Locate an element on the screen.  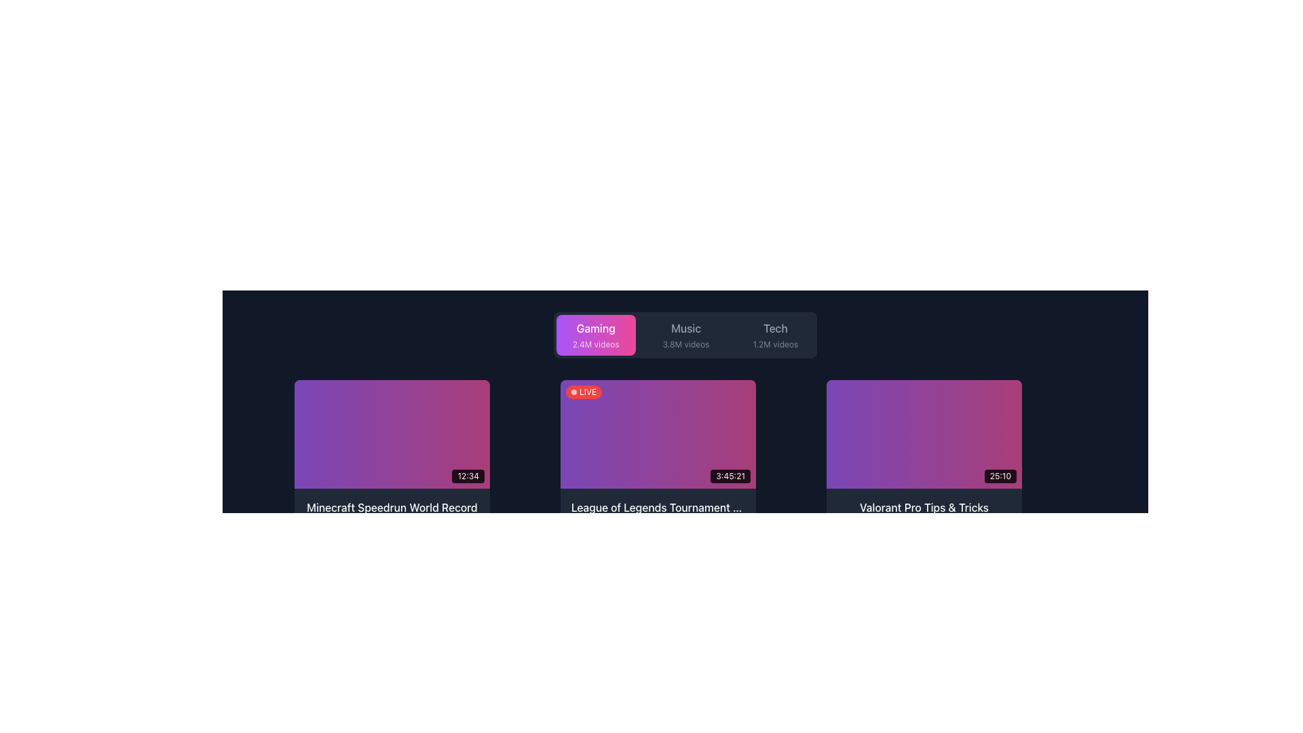
the non-interactive text label that displays the numerical information about the content count in the 'Tech' category, which is positioned below the 'Tech' text and adjacent to 'Music' is located at coordinates (775, 344).